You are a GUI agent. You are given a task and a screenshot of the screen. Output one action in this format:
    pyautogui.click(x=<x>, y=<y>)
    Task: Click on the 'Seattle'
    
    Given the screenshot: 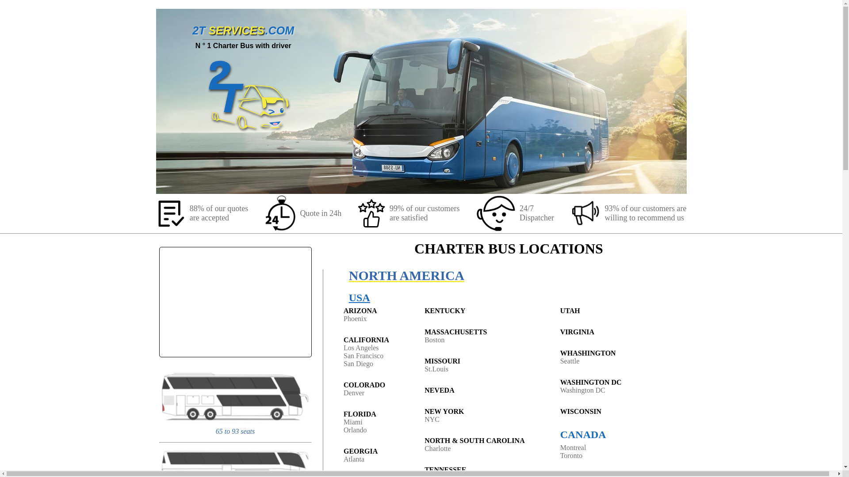 What is the action you would take?
    pyautogui.click(x=560, y=361)
    